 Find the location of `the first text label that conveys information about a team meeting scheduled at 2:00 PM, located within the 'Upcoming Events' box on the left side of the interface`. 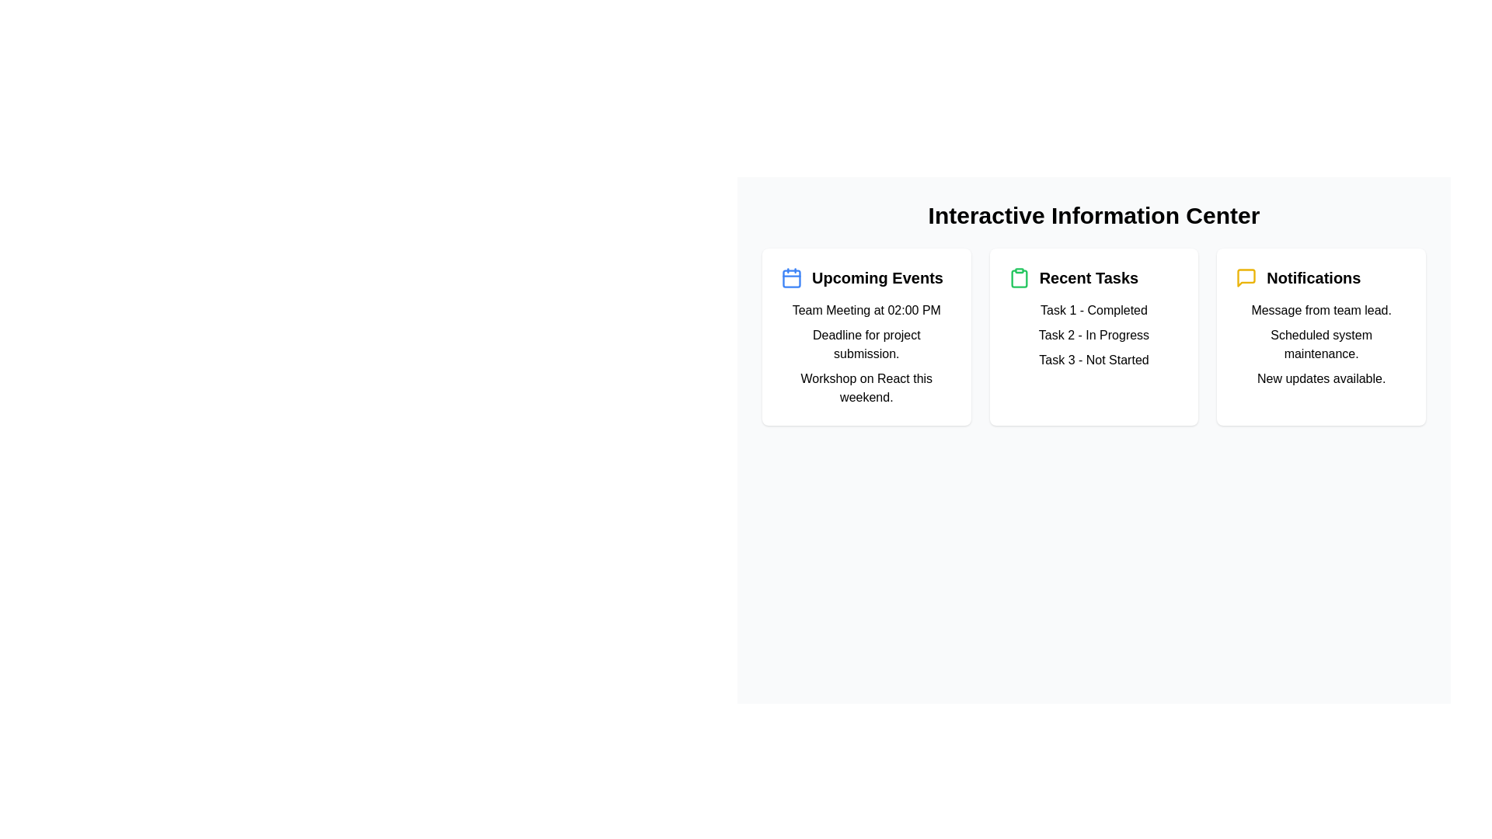

the first text label that conveys information about a team meeting scheduled at 2:00 PM, located within the 'Upcoming Events' box on the left side of the interface is located at coordinates (866, 311).